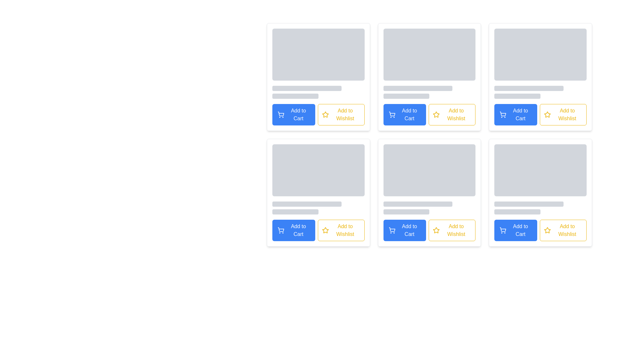 The height and width of the screenshot is (351, 624). Describe the element at coordinates (429, 114) in the screenshot. I see `the 'Add to Wishlist' button, which is a rounded button with a yellow border and background, featuring a yellow star icon and the text 'Add to Wishlist'. It is positioned to the right of the blue 'Add to Cart' button within the bottom section of a product card` at that location.